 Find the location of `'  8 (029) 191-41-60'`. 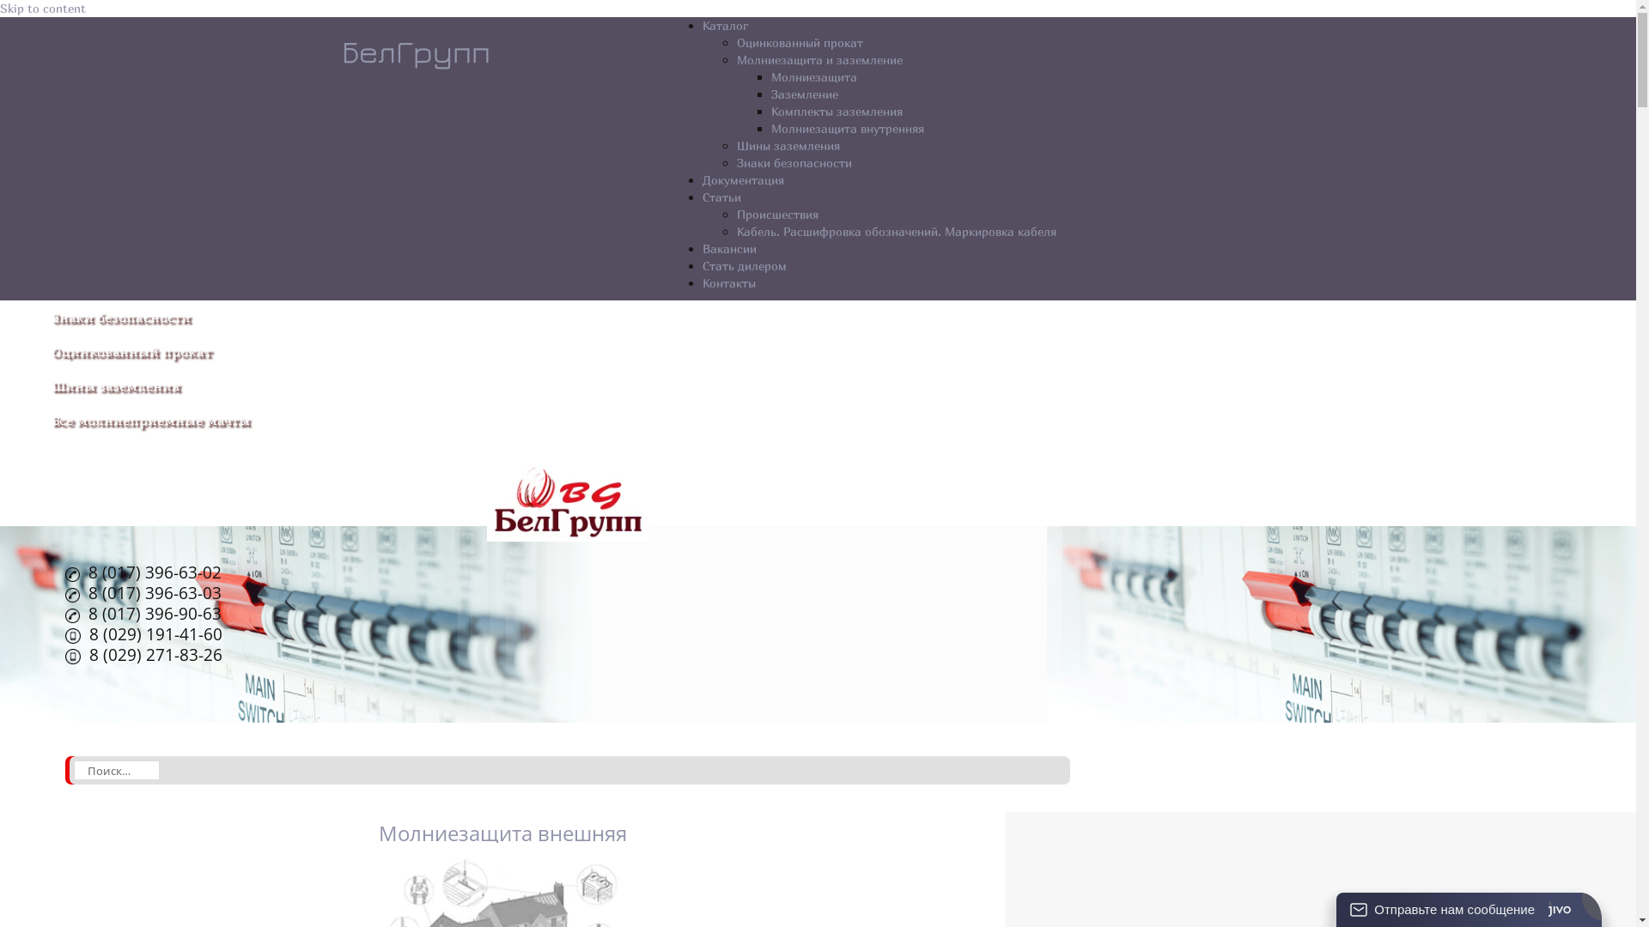

'  8 (029) 191-41-60' is located at coordinates (143, 635).